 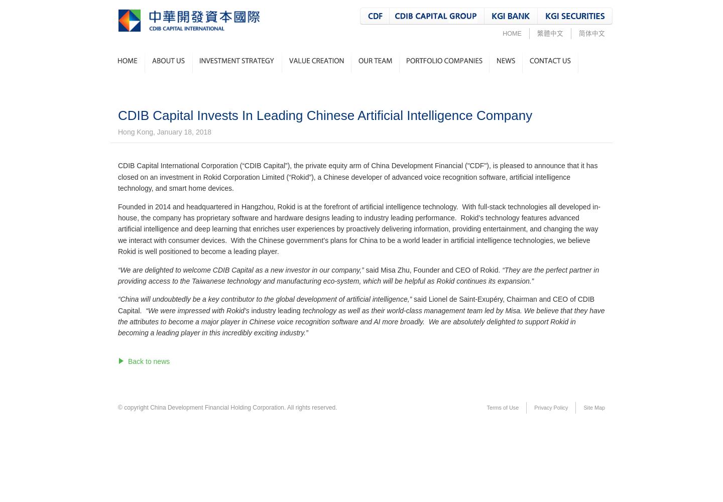 What do you see at coordinates (534, 408) in the screenshot?
I see `'Privacy Policy'` at bounding box center [534, 408].